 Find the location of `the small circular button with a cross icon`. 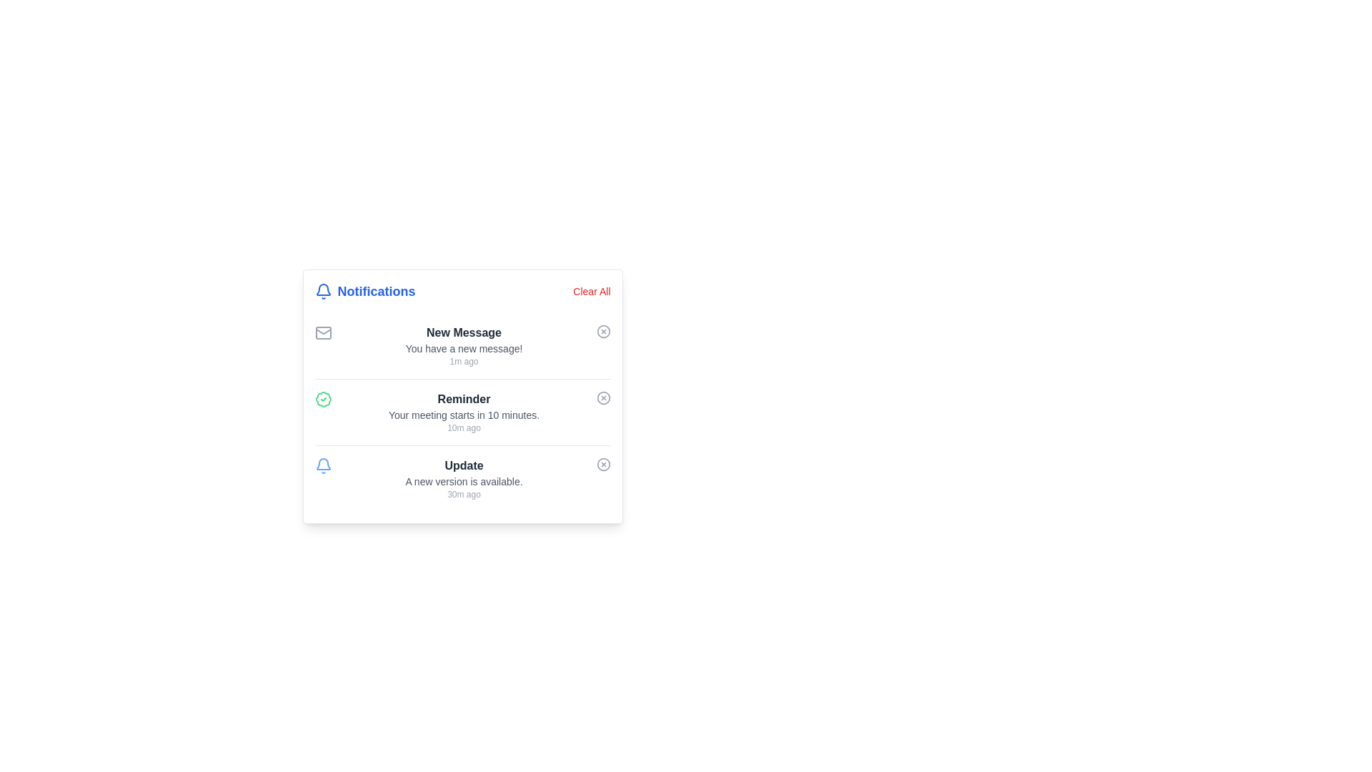

the small circular button with a cross icon is located at coordinates (603, 397).